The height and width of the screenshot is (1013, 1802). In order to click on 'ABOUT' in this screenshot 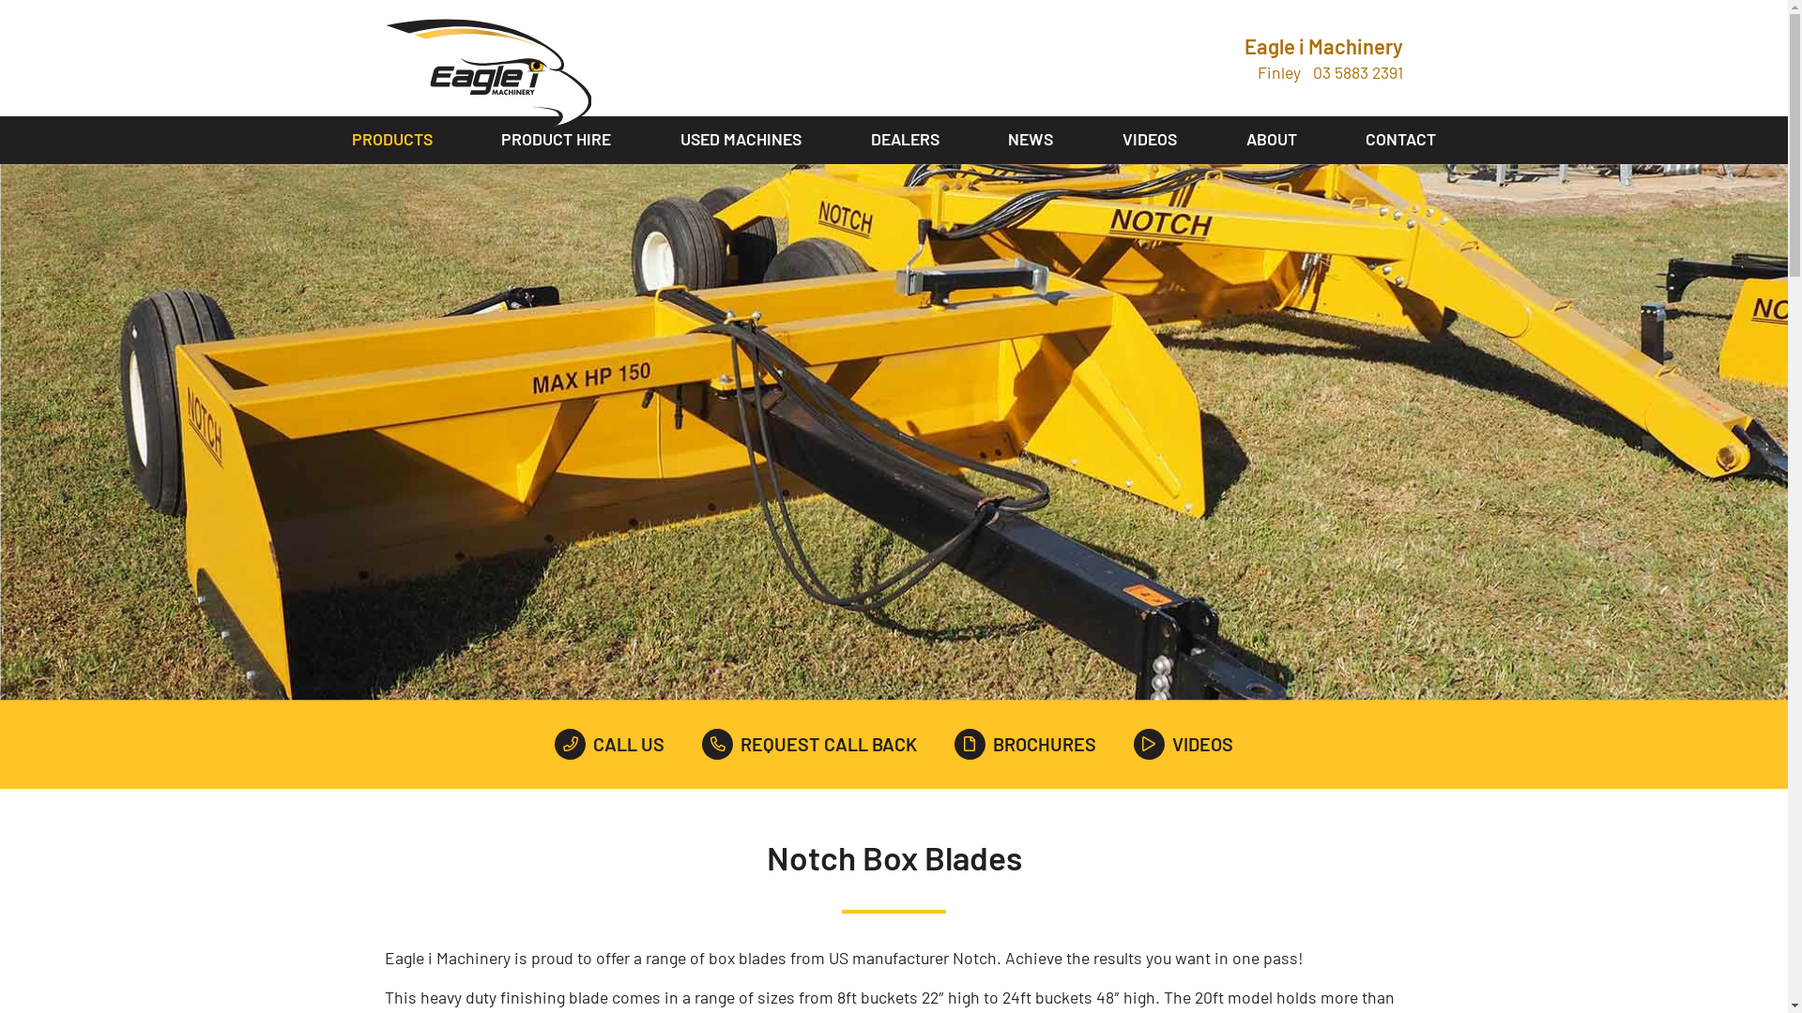, I will do `click(1271, 139)`.